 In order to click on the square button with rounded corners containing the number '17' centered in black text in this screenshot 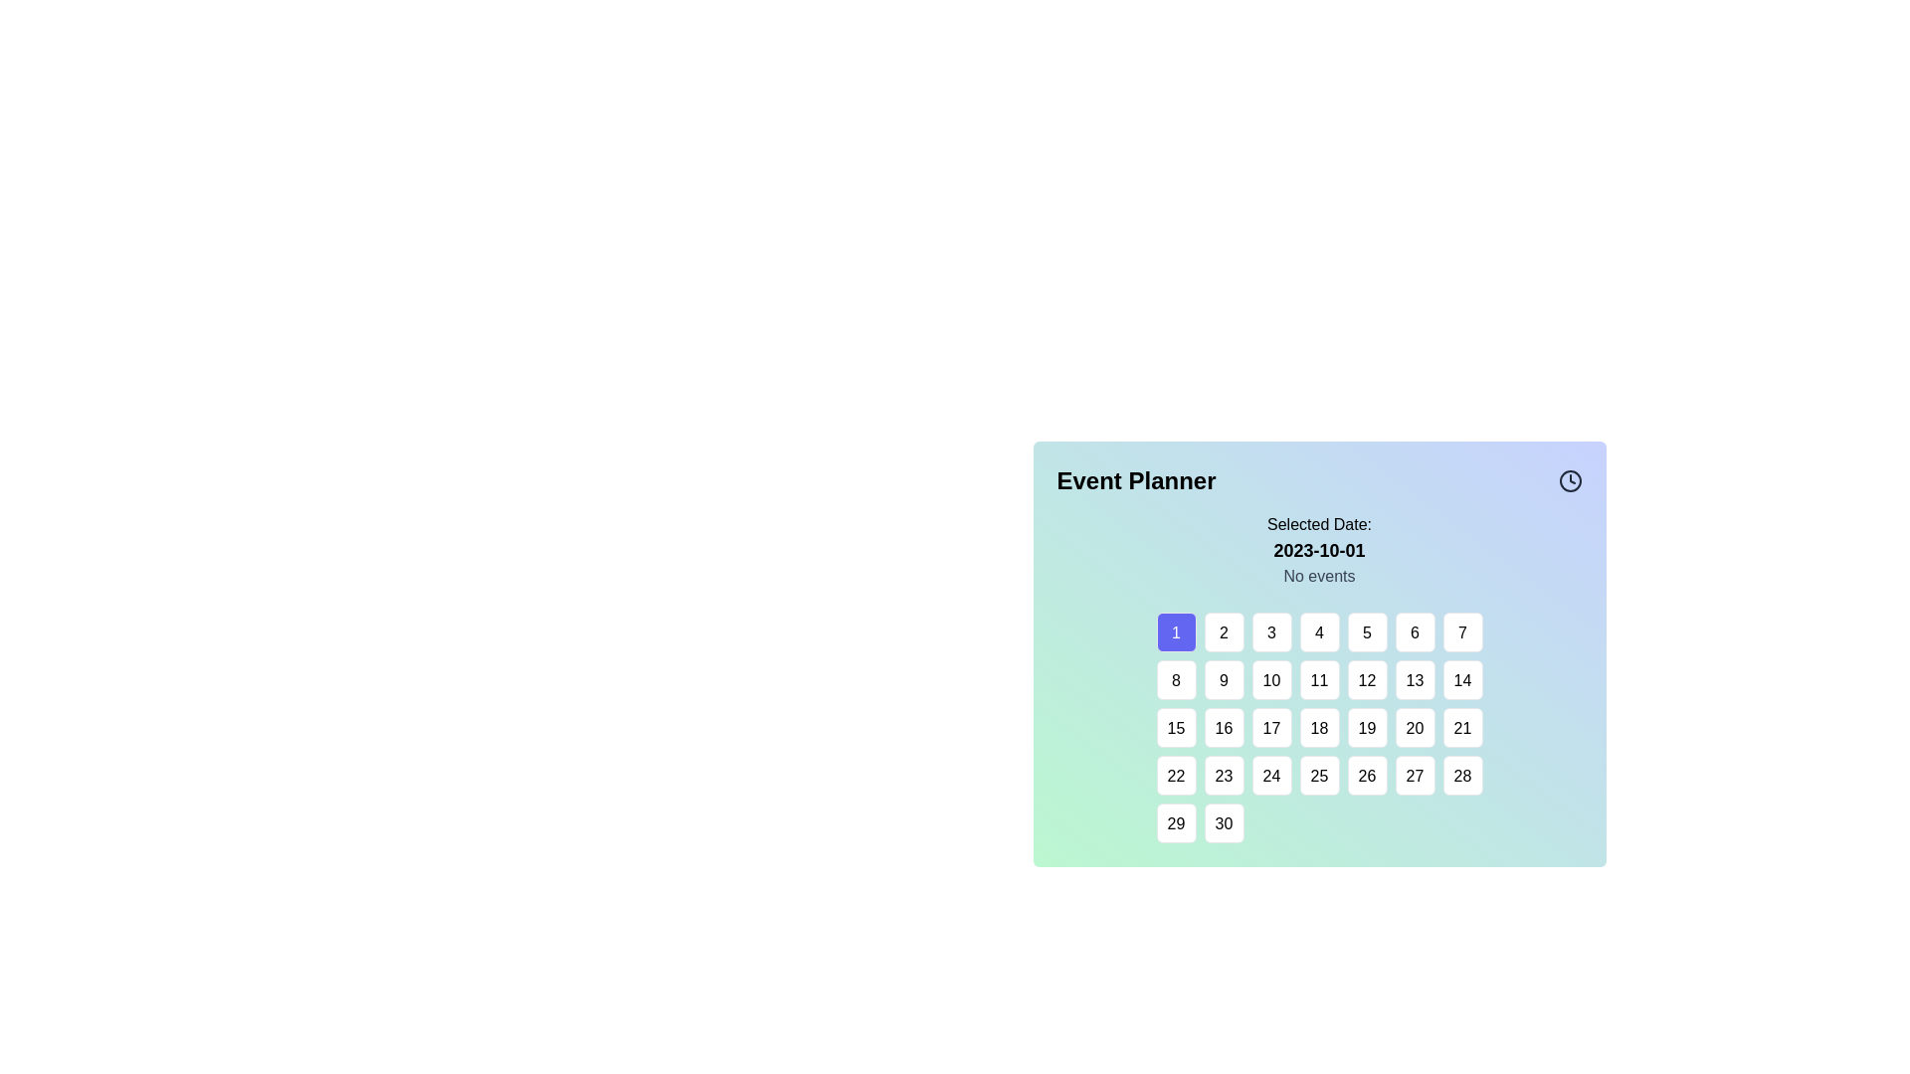, I will do `click(1270, 728)`.